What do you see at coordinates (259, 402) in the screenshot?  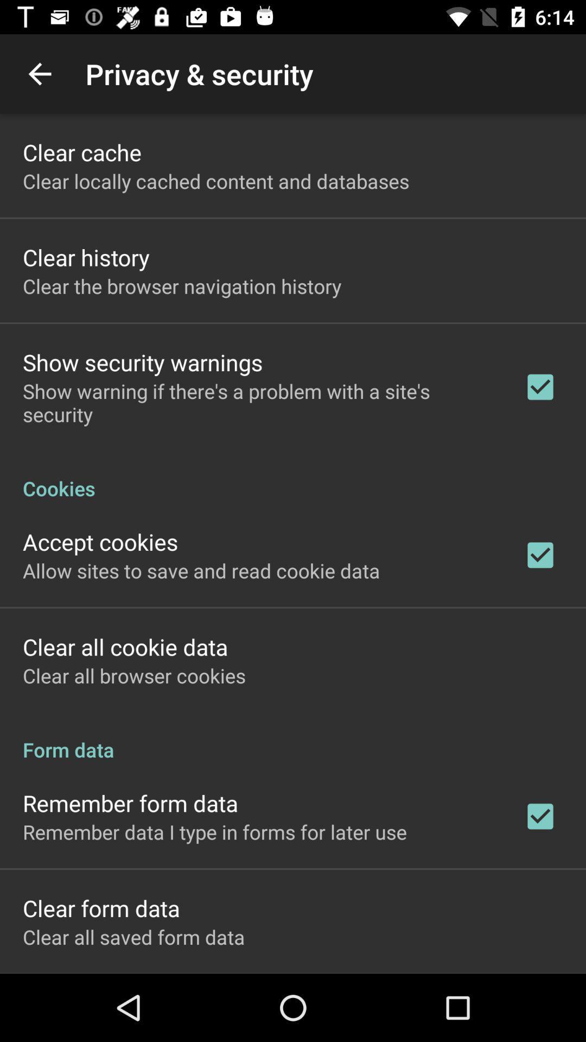 I see `the show warning if app` at bounding box center [259, 402].